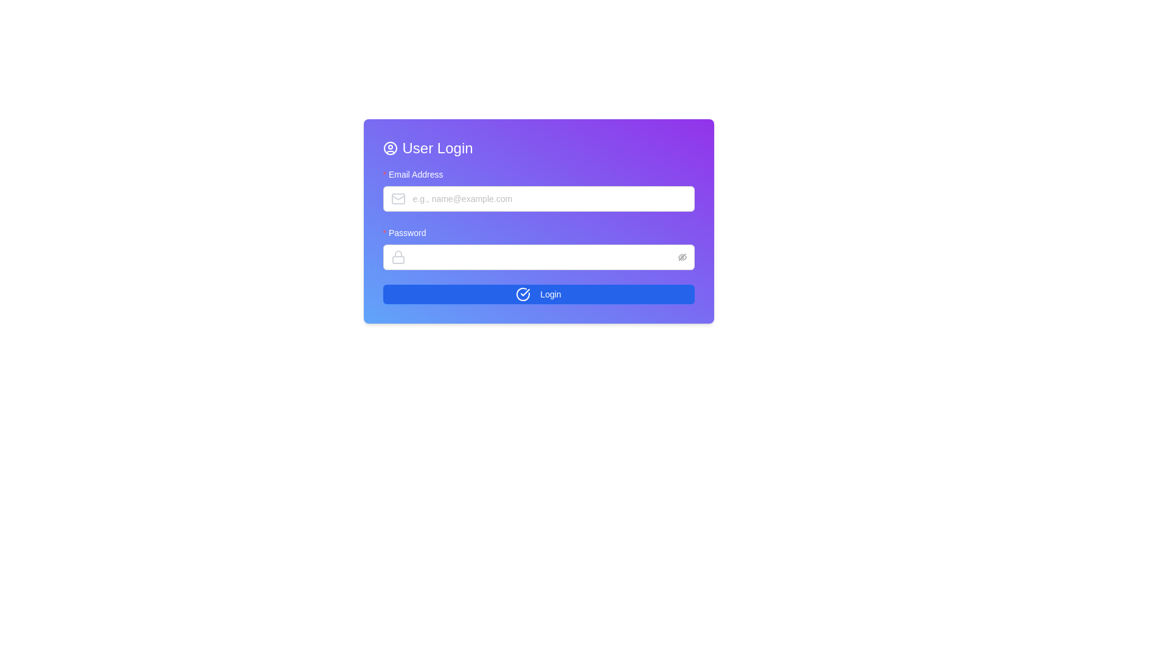 The height and width of the screenshot is (657, 1168). What do you see at coordinates (409, 232) in the screenshot?
I see `the password field label in the login form, which is the second label after the email label` at bounding box center [409, 232].